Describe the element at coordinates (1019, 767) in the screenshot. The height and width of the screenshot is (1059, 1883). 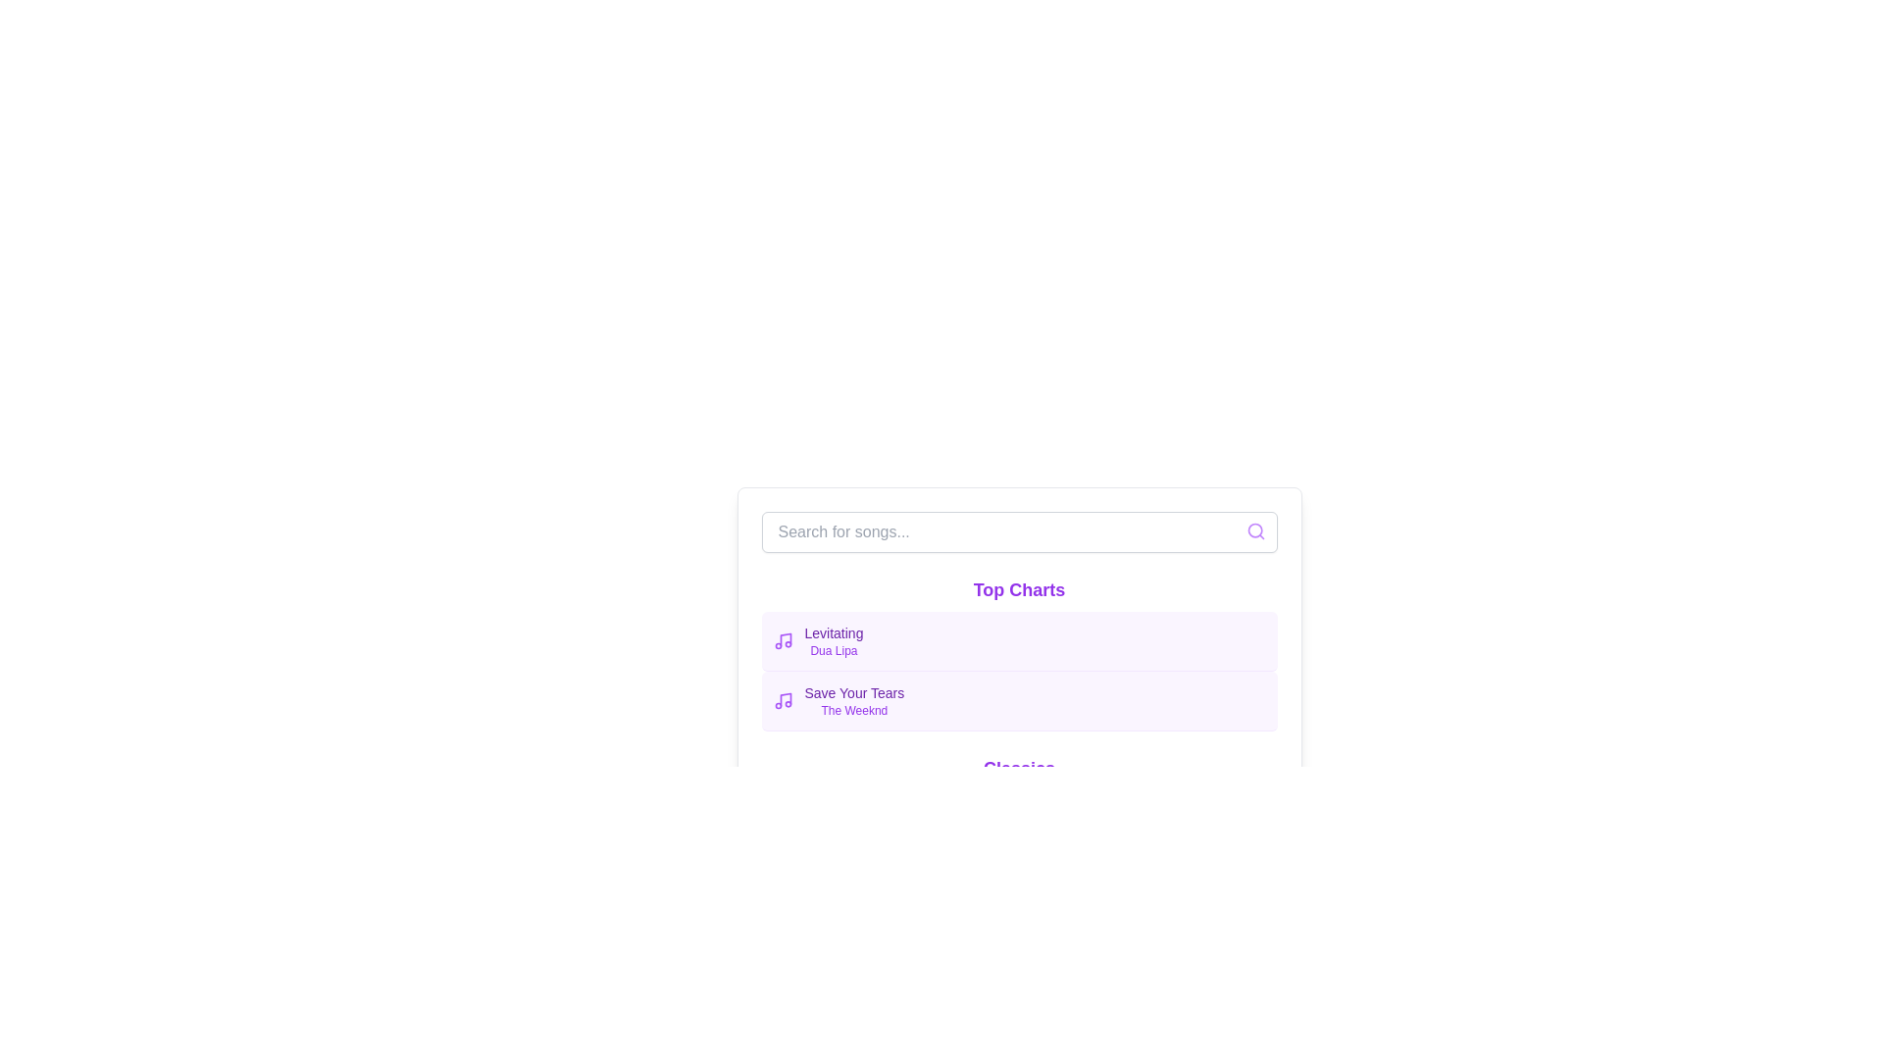
I see `the 'Classics' text label located at the bottom of the 'Top Charts' list` at that location.